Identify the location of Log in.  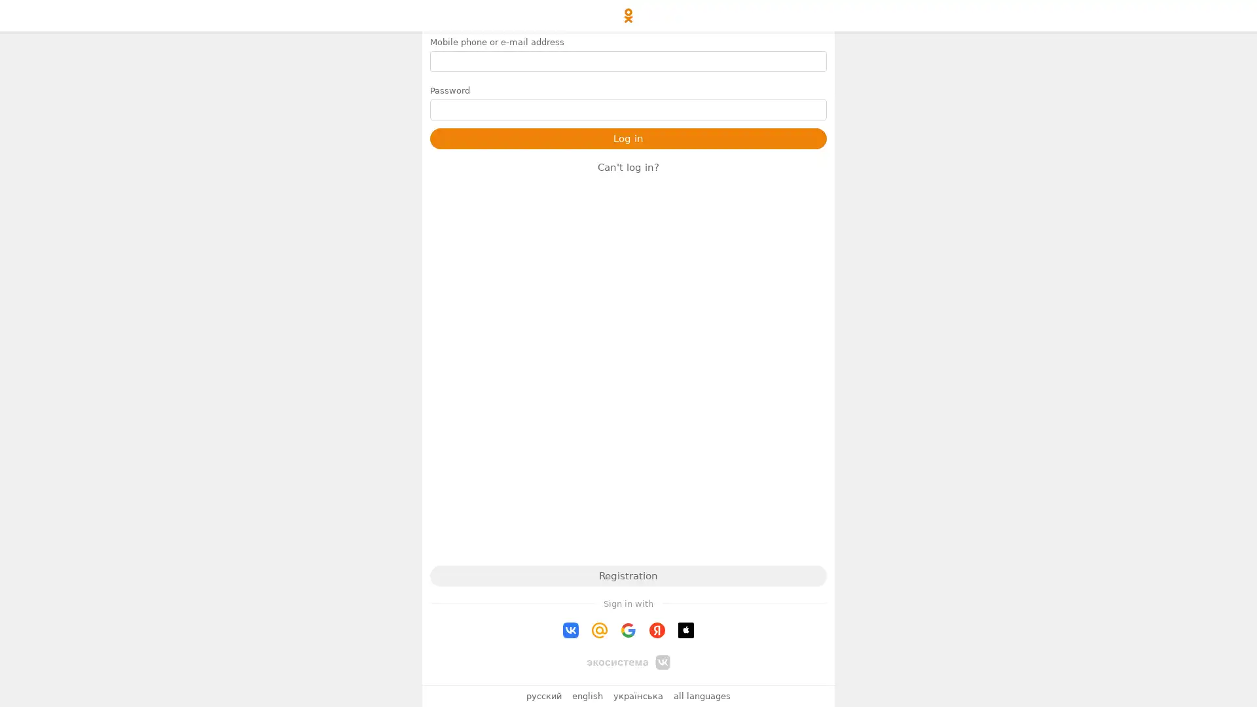
(628, 139).